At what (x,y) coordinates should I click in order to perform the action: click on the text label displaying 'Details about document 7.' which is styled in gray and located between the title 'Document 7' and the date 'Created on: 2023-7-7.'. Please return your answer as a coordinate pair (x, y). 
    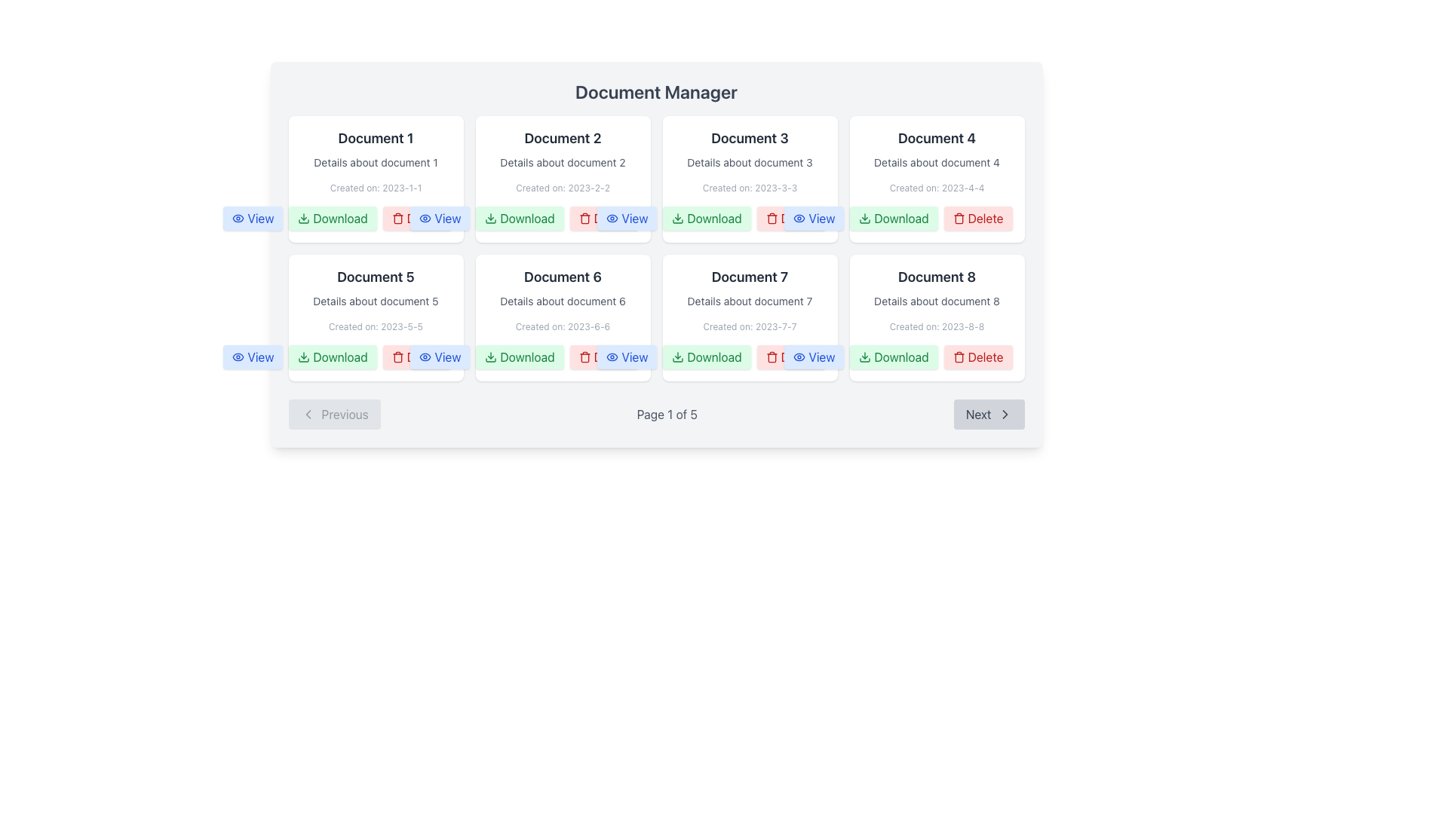
    Looking at the image, I should click on (750, 301).